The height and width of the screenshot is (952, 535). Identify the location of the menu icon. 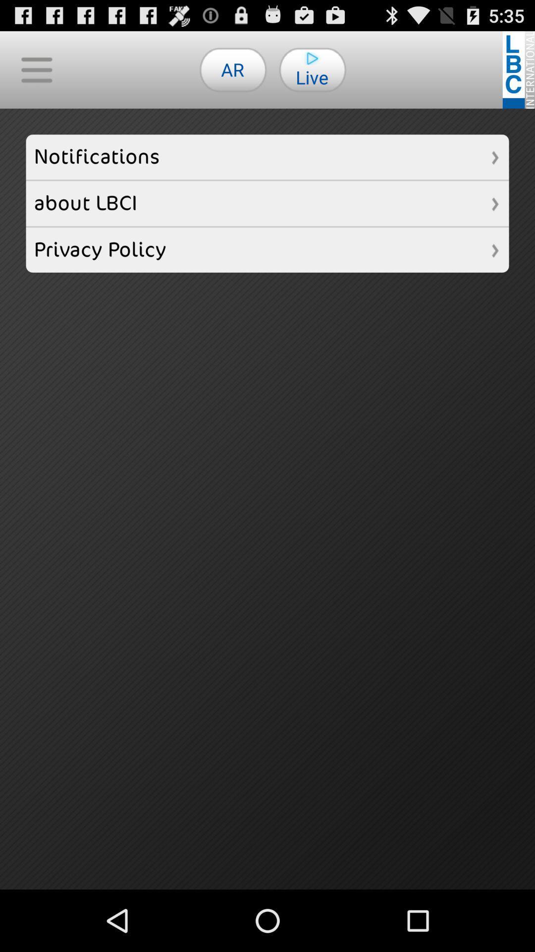
(36, 74).